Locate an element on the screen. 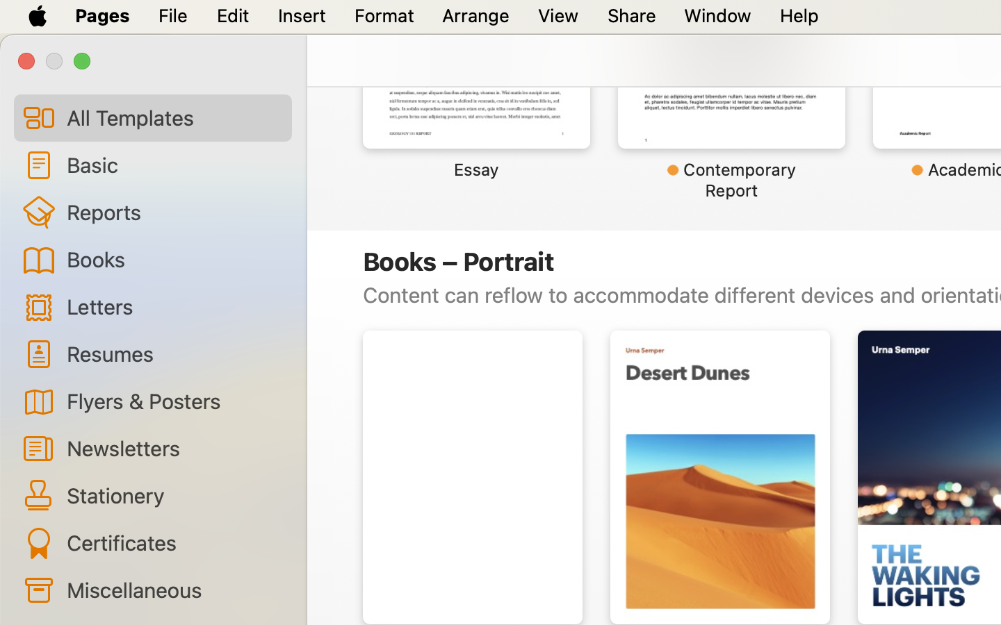  'Newsletters' is located at coordinates (172, 448).